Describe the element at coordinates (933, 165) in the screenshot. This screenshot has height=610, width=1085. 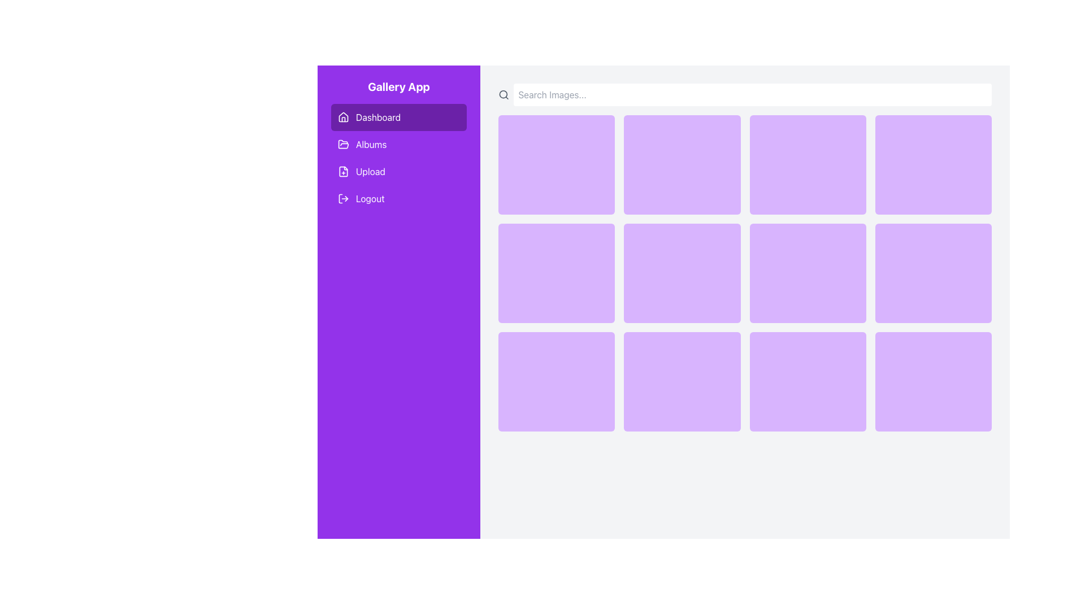
I see `the light purple rectangular tile with rounded corners, which is the fourth tile in the first row of a 4-column grid layout` at that location.